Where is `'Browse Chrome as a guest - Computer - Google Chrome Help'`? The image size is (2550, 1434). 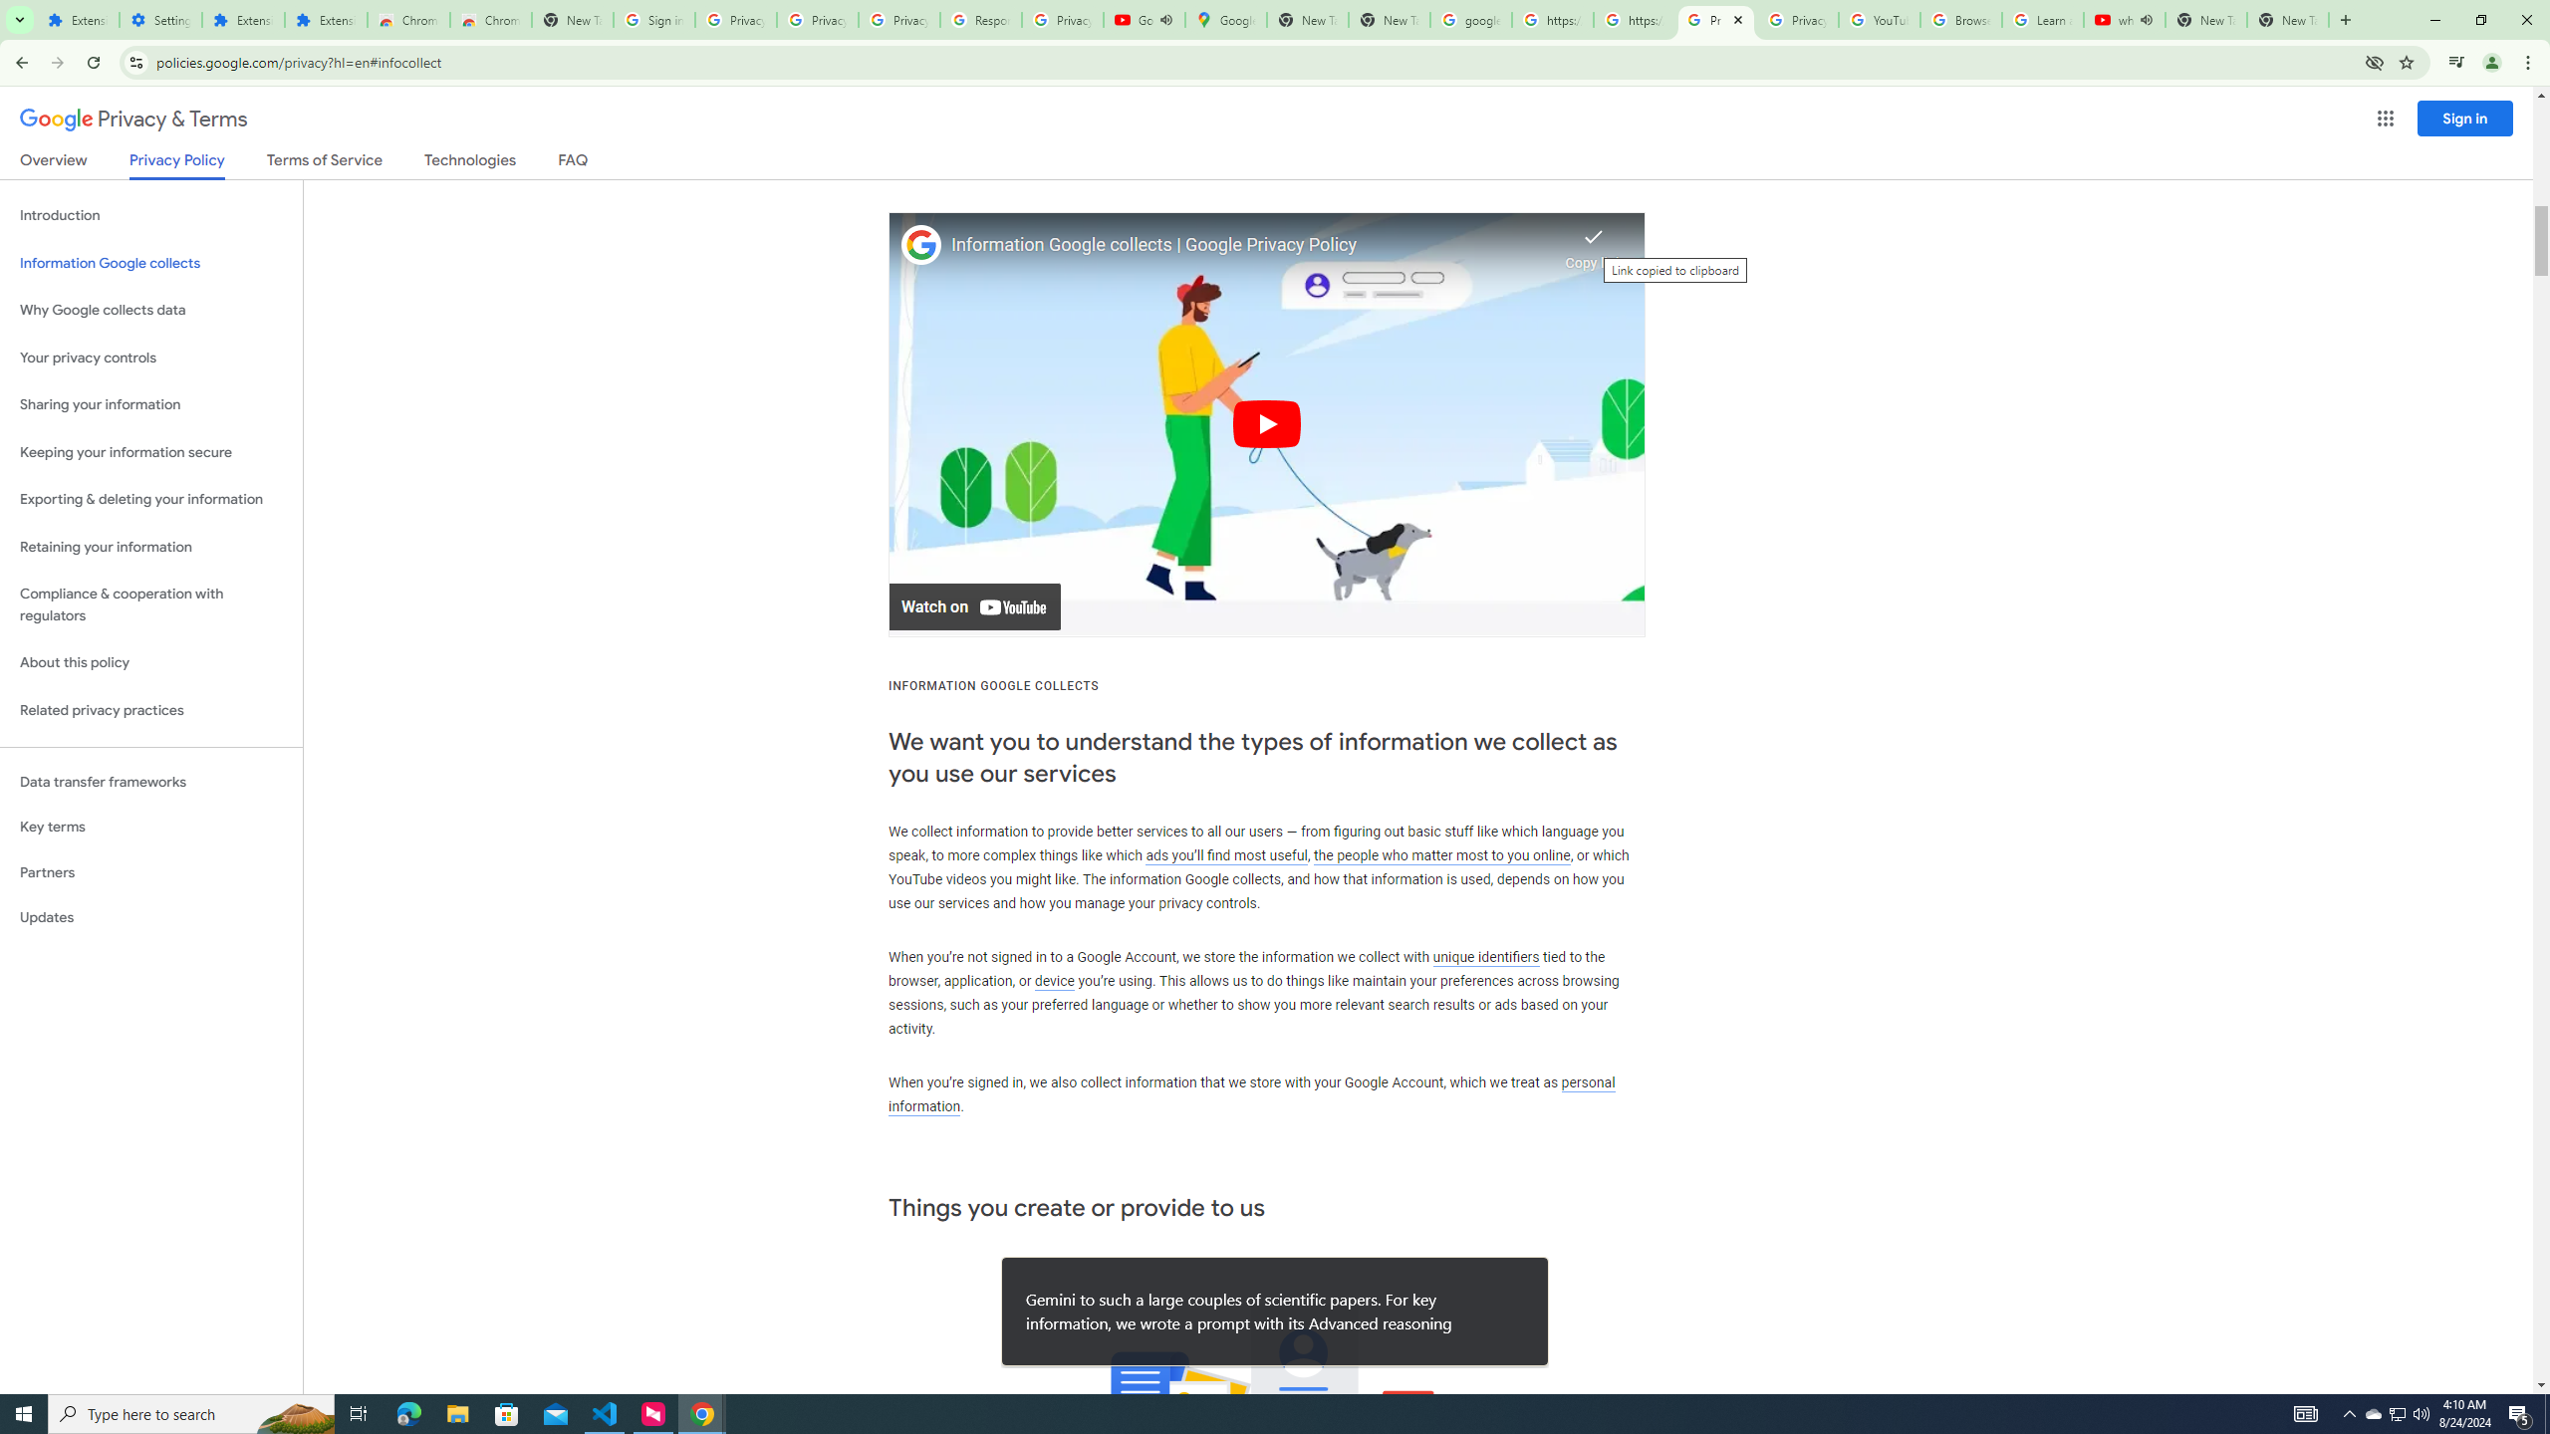
'Browse Chrome as a guest - Computer - Google Chrome Help' is located at coordinates (1960, 19).